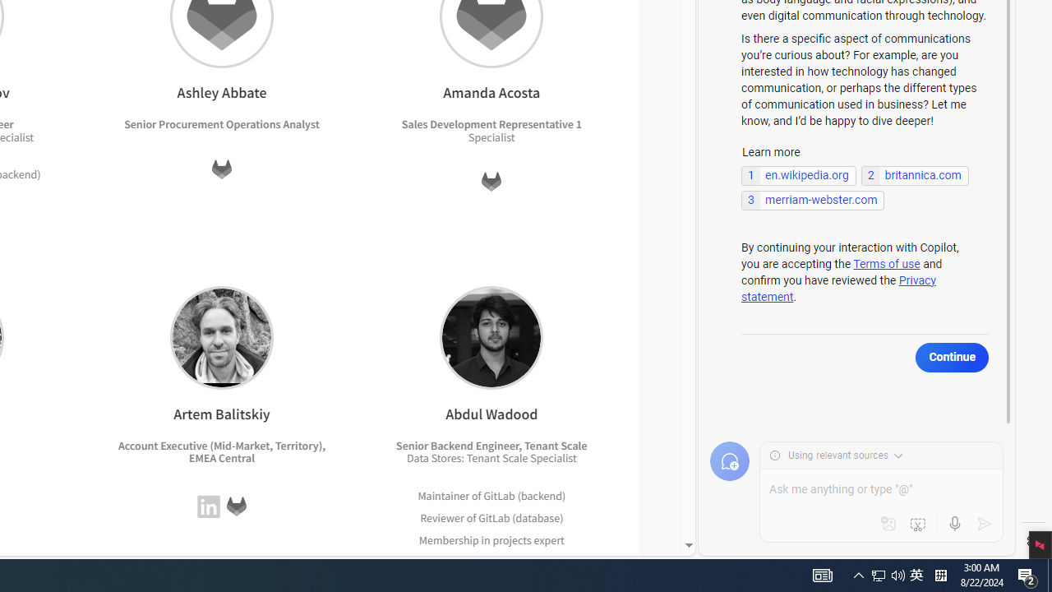  I want to click on 'Senior Procurement Operations Analyst', so click(221, 123).